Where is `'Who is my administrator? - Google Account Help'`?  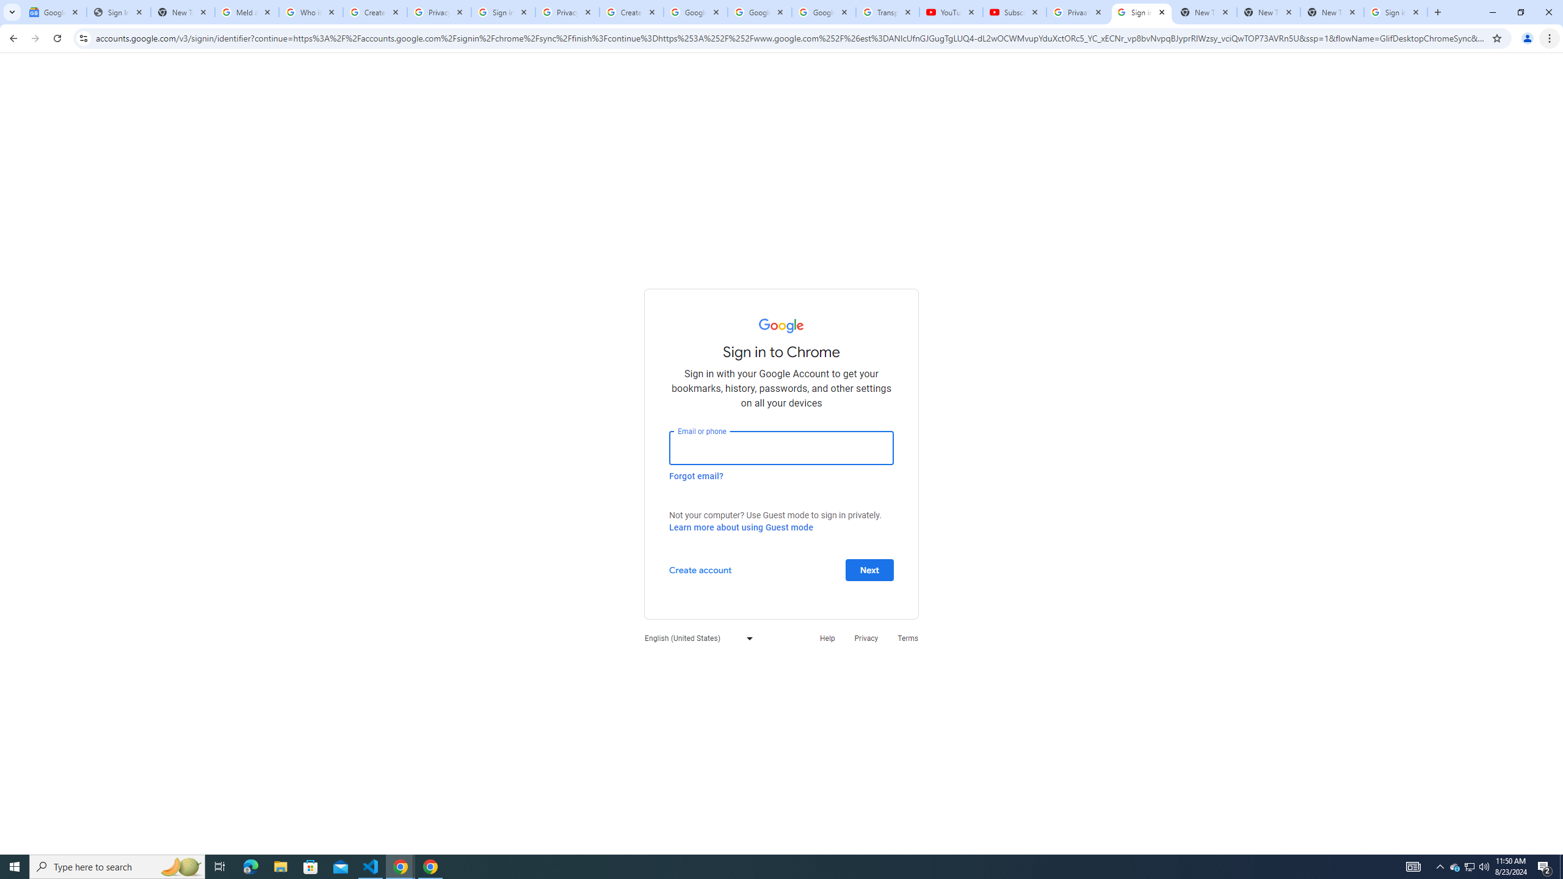 'Who is my administrator? - Google Account Help' is located at coordinates (311, 12).